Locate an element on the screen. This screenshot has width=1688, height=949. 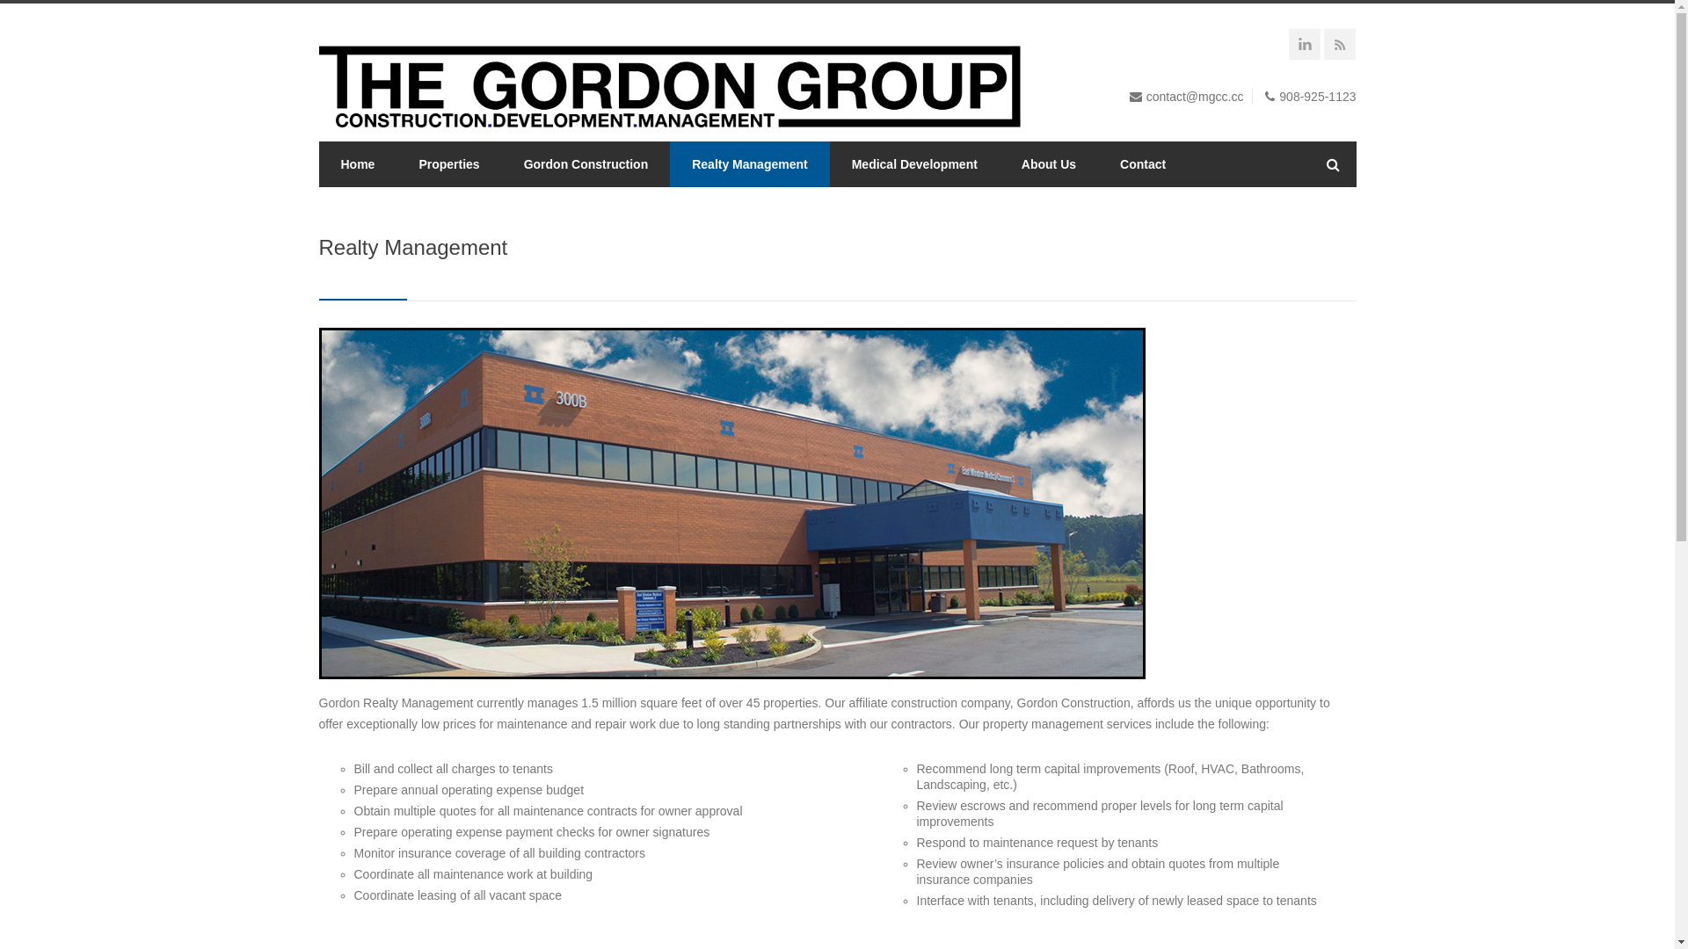
'contact@mgcc.cc' is located at coordinates (1146, 97).